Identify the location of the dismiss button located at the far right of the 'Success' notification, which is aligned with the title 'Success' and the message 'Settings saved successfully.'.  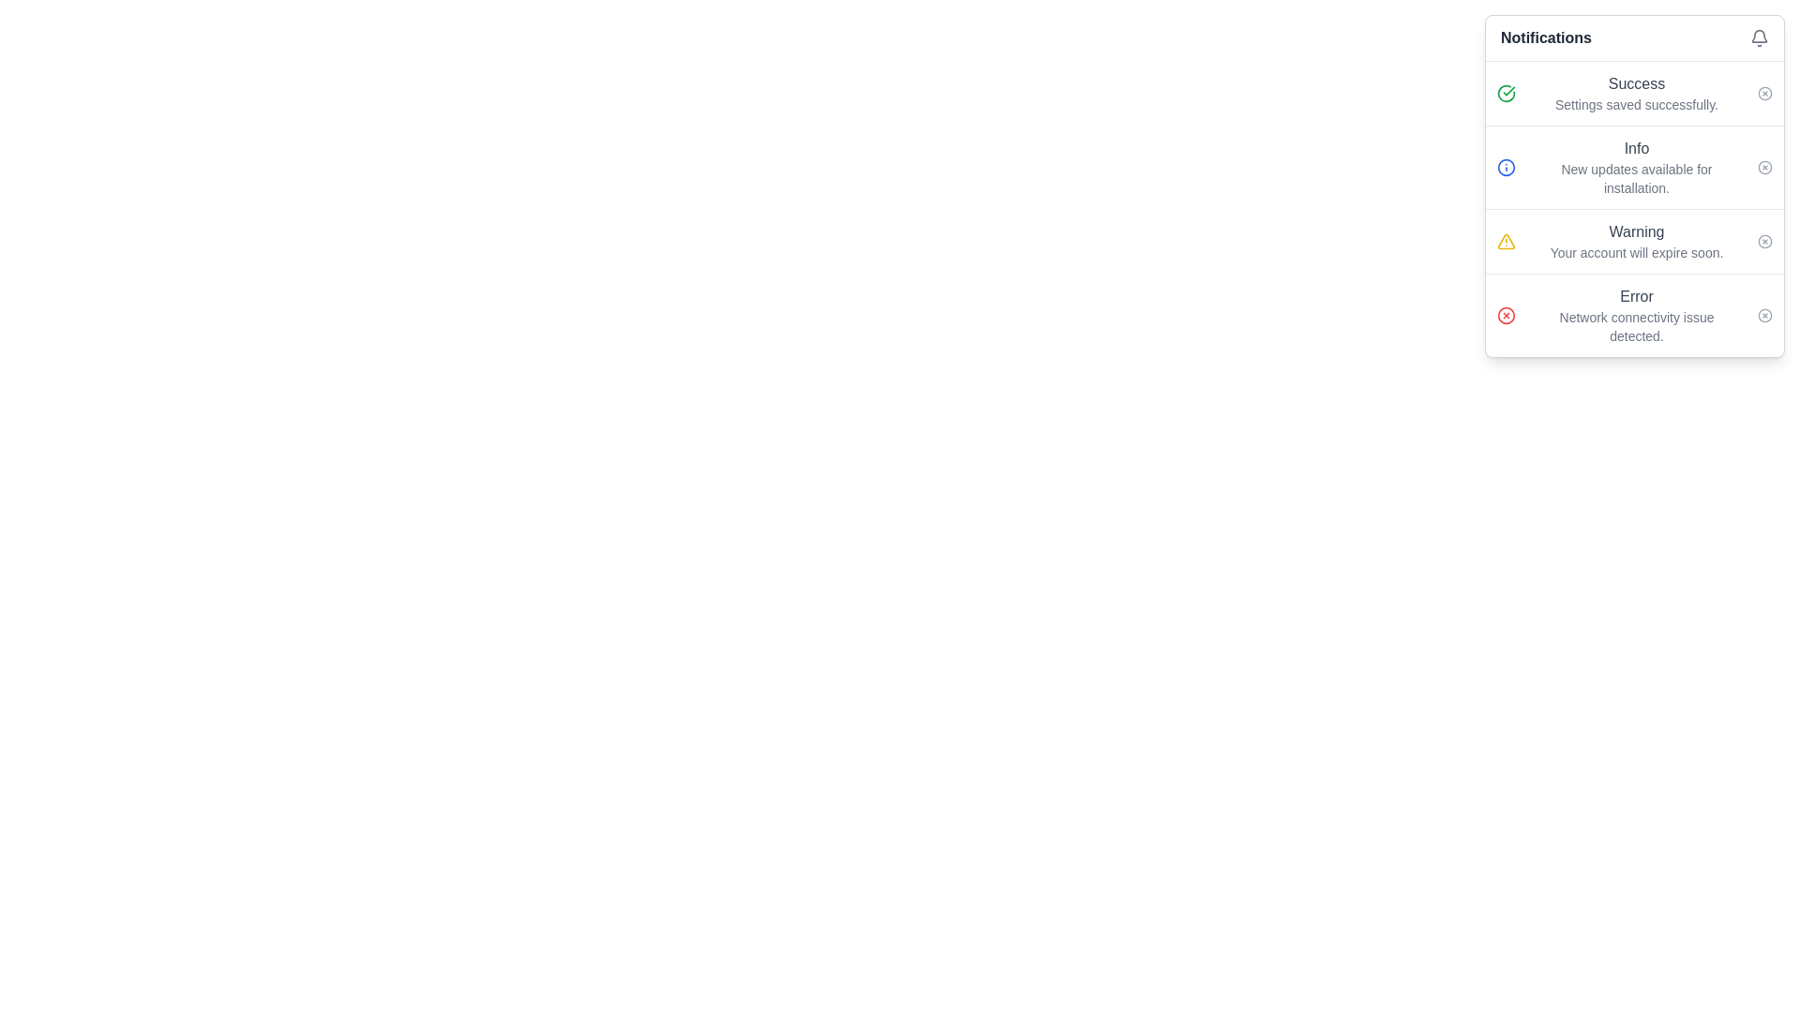
(1763, 94).